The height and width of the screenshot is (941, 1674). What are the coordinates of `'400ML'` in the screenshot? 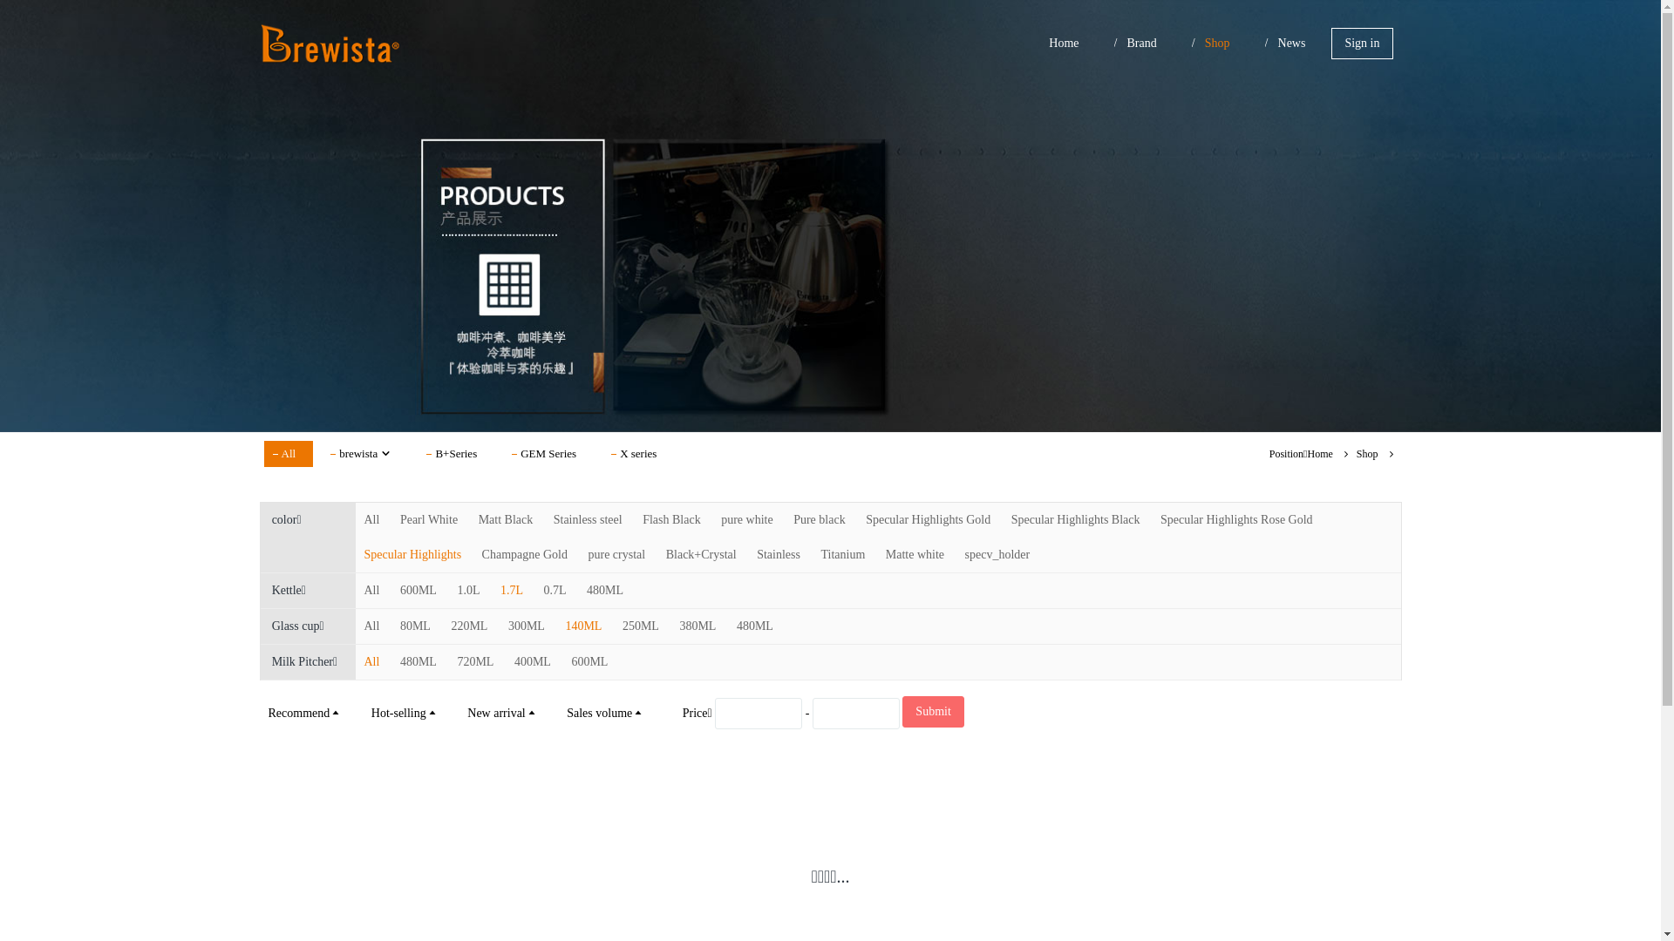 It's located at (531, 661).